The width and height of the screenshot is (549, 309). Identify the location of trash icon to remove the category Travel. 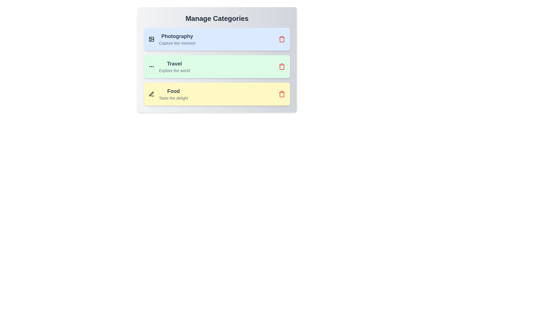
(282, 66).